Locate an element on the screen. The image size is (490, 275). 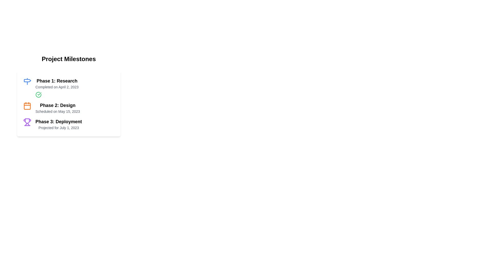
the green checkmark icon enclosed in a circular outline located in the 'Phase 1: Research' section, beneath the 'Completed on April 2, 2023' text is located at coordinates (38, 94).